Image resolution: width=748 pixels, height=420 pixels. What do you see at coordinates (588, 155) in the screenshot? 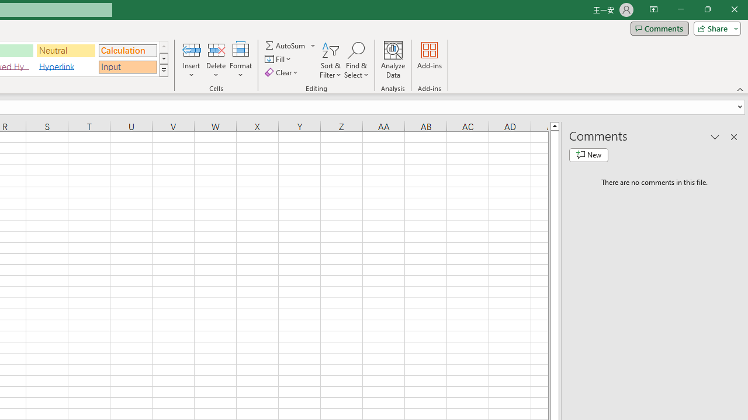
I see `'New comment'` at bounding box center [588, 155].